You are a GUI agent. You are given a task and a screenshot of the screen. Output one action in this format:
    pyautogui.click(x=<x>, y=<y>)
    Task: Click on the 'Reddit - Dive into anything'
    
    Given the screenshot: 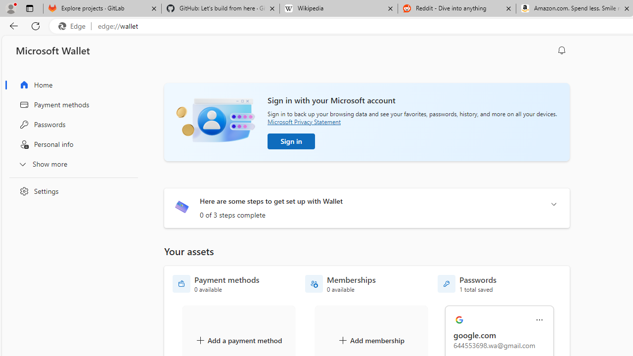 What is the action you would take?
    pyautogui.click(x=456, y=8)
    